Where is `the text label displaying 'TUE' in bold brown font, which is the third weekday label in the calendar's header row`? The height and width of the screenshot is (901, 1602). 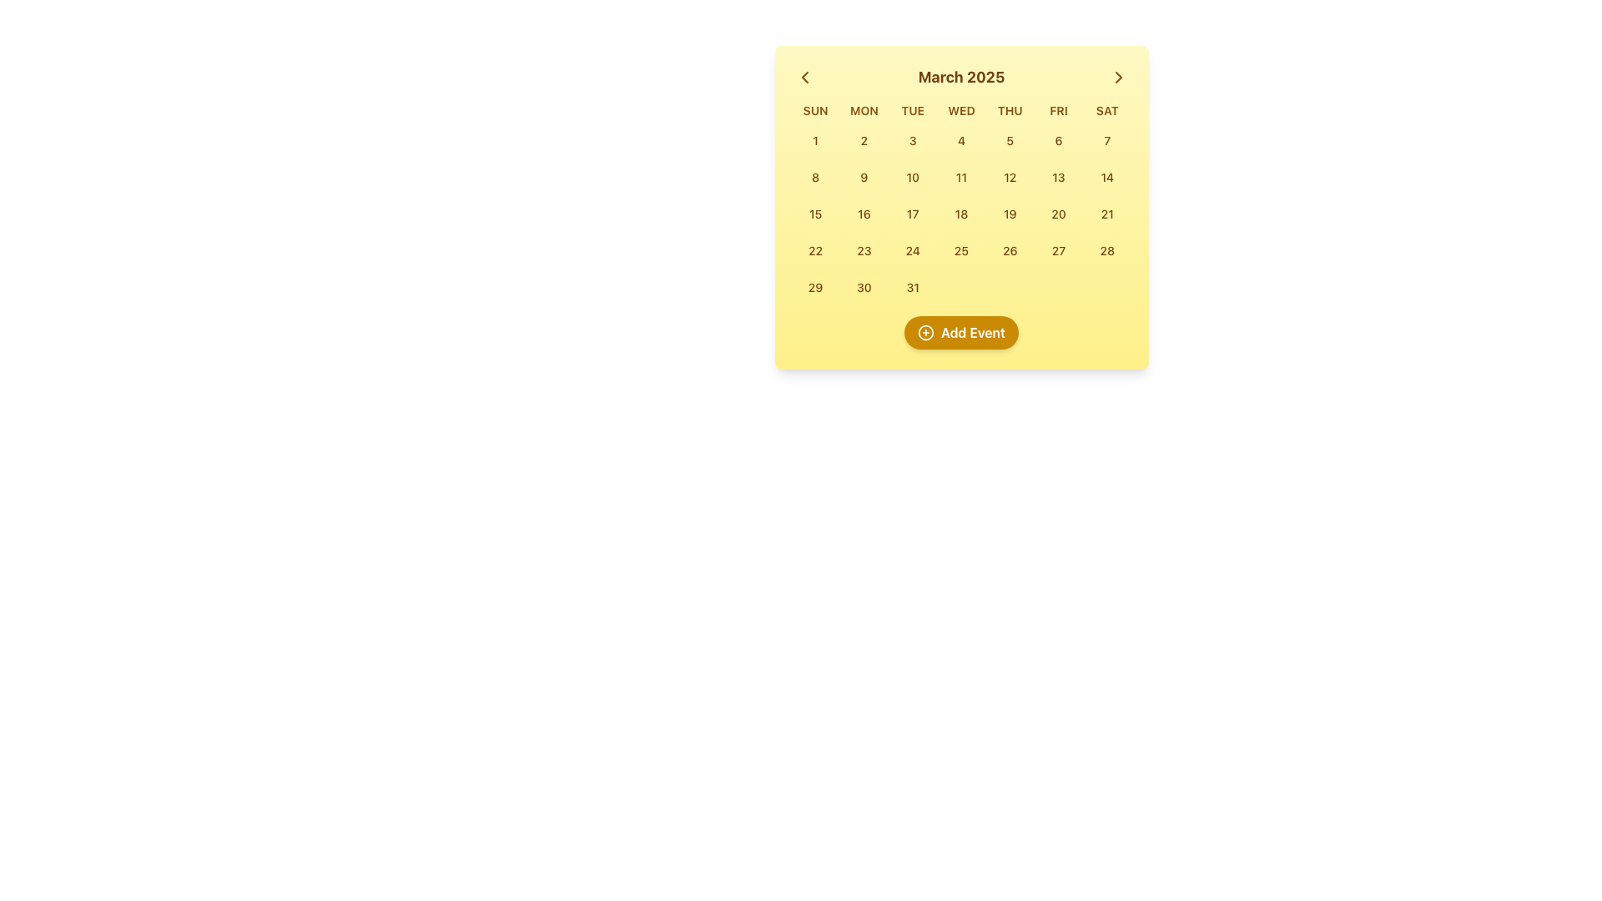 the text label displaying 'TUE' in bold brown font, which is the third weekday label in the calendar's header row is located at coordinates (912, 110).